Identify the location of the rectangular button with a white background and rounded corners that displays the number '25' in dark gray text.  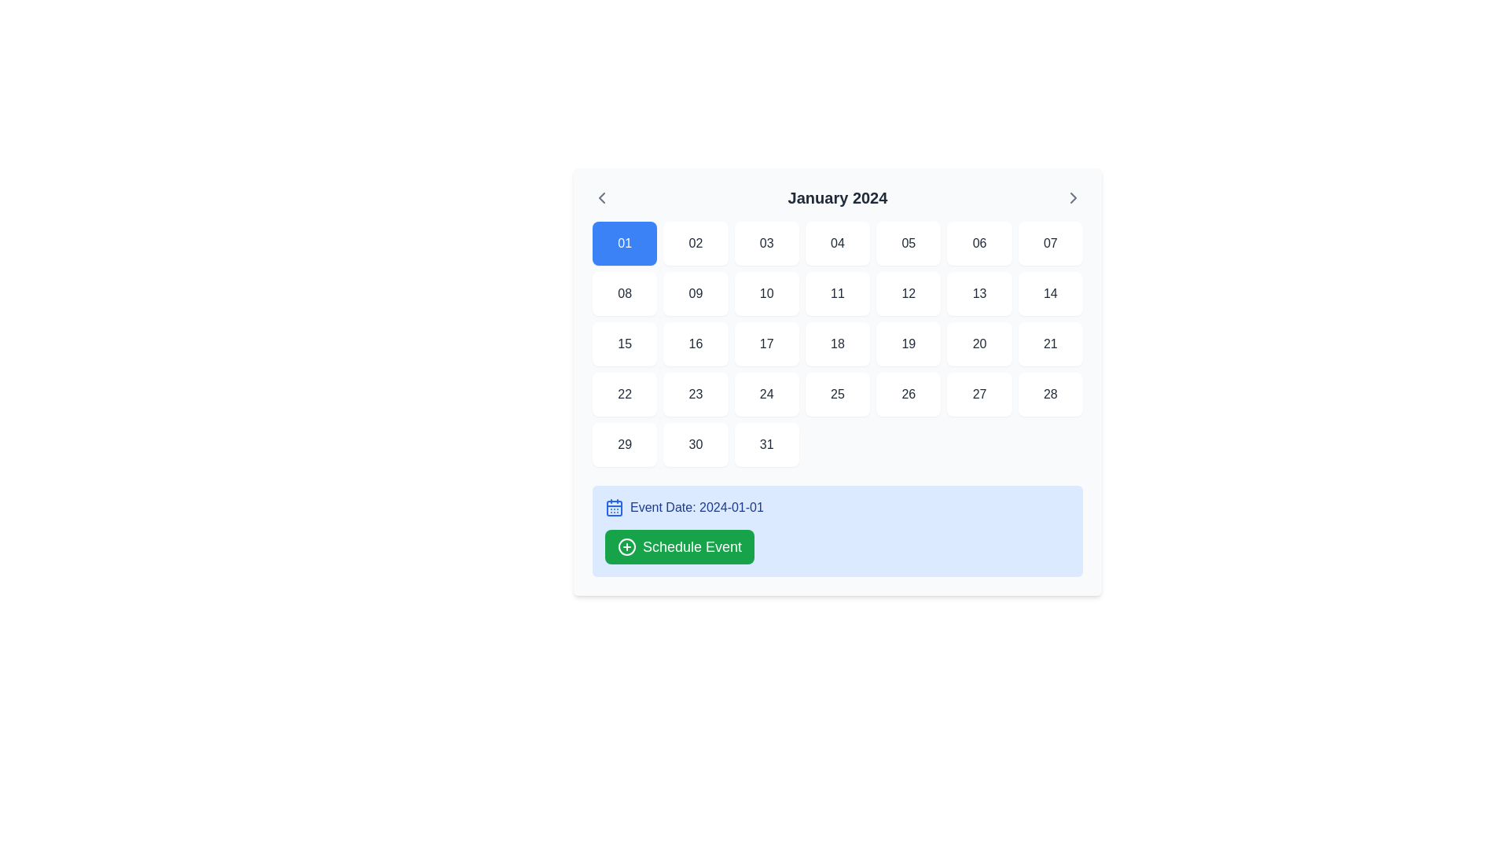
(836, 393).